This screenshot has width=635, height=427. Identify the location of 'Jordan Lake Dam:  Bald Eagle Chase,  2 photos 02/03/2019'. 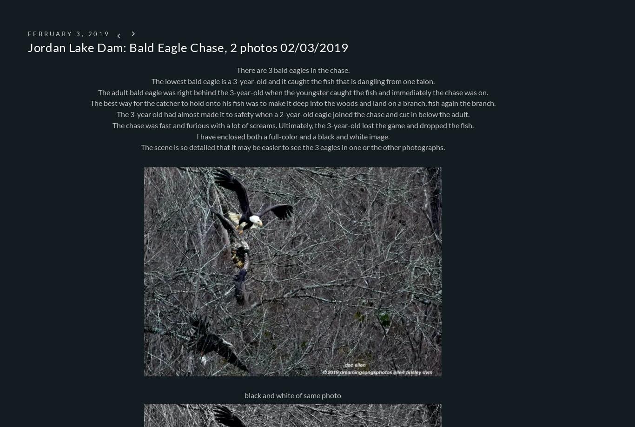
(27, 47).